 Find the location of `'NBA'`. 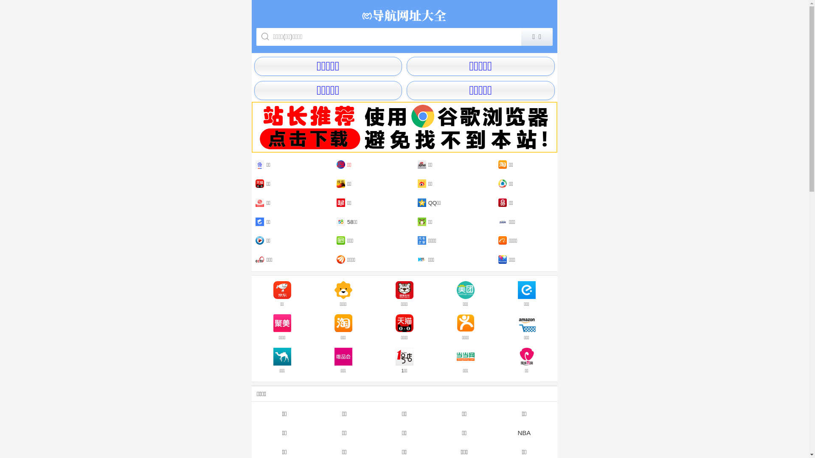

'NBA' is located at coordinates (494, 432).